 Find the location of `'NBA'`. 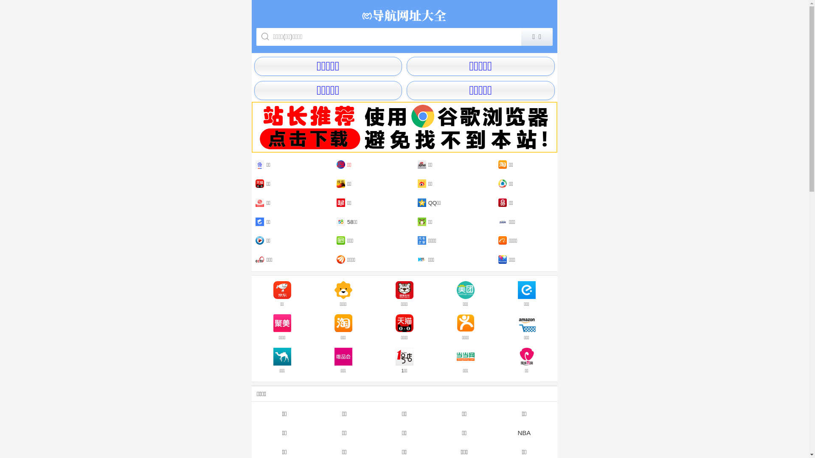

'NBA' is located at coordinates (494, 432).